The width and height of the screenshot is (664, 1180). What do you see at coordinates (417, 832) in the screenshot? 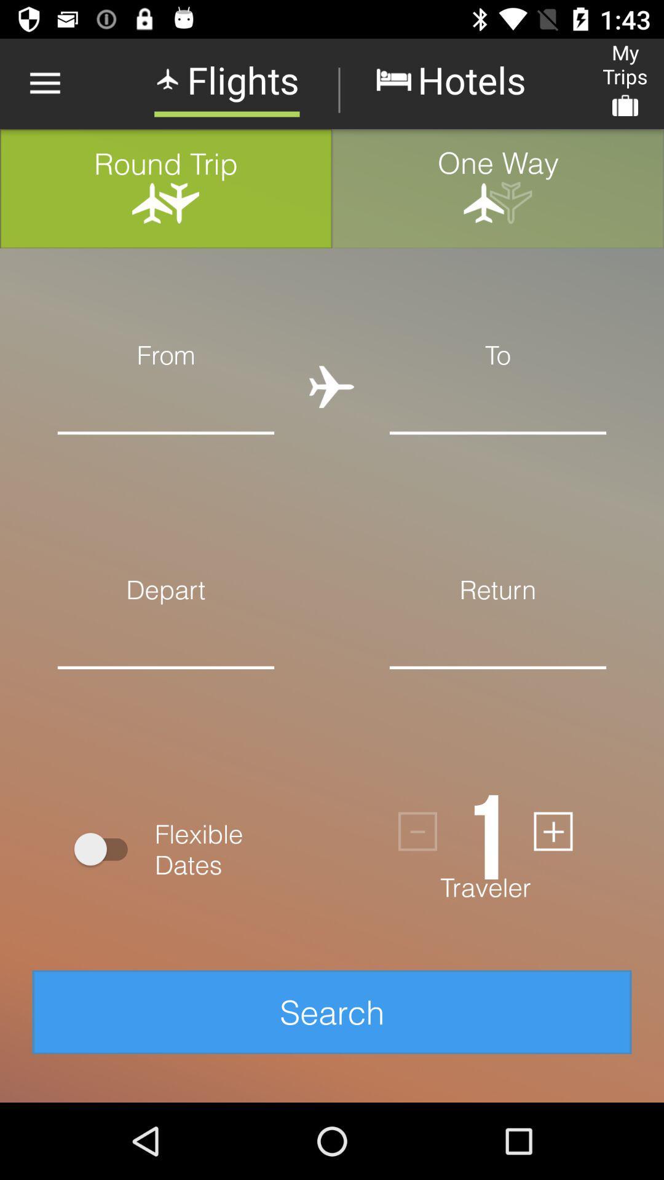
I see `subtract a traveler` at bounding box center [417, 832].